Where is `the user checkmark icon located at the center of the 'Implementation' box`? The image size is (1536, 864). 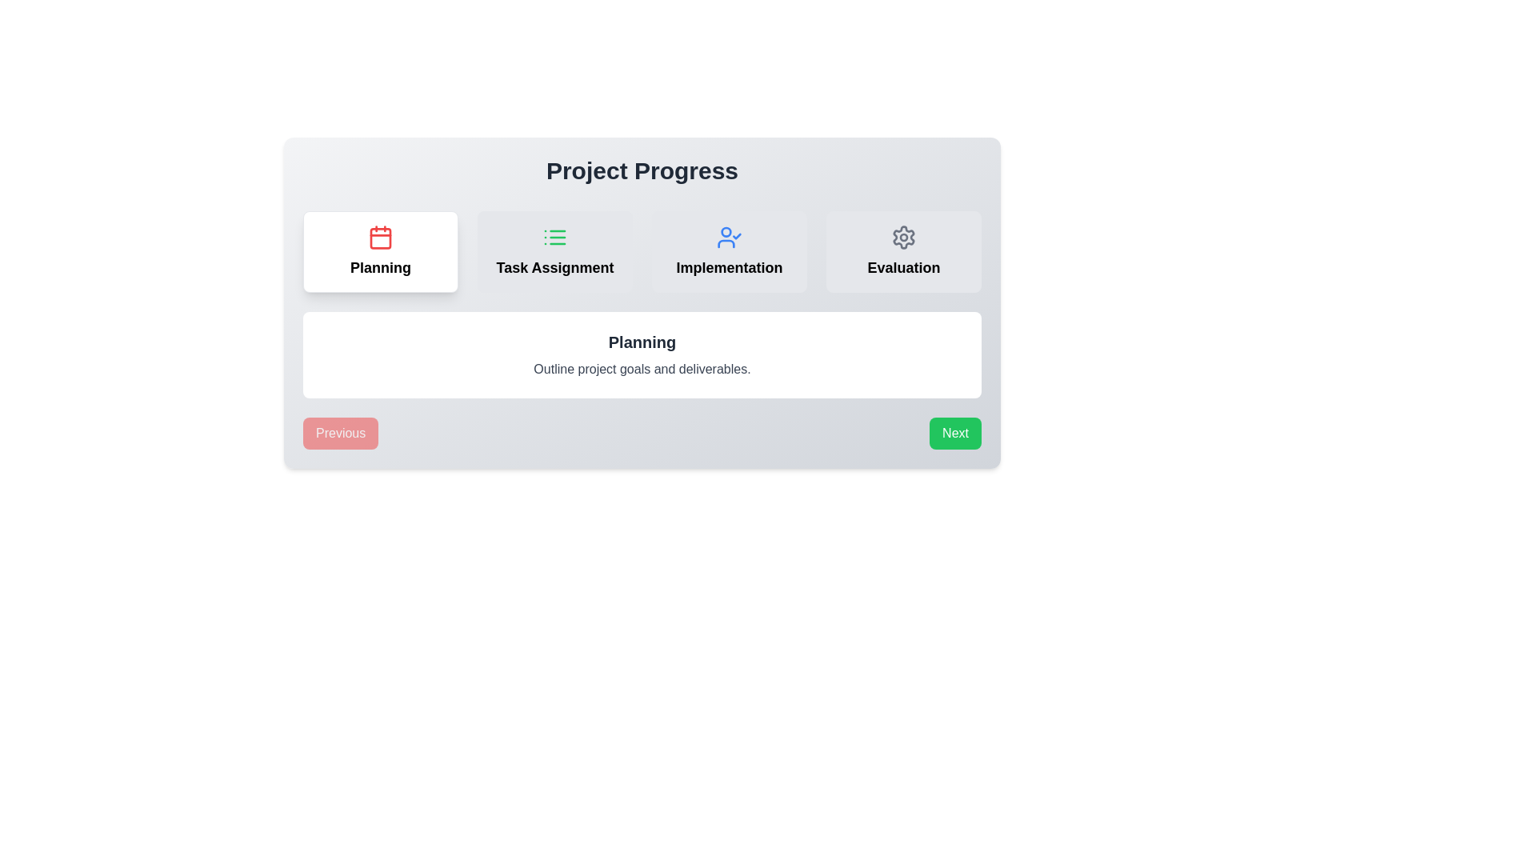
the user checkmark icon located at the center of the 'Implementation' box is located at coordinates (729, 238).